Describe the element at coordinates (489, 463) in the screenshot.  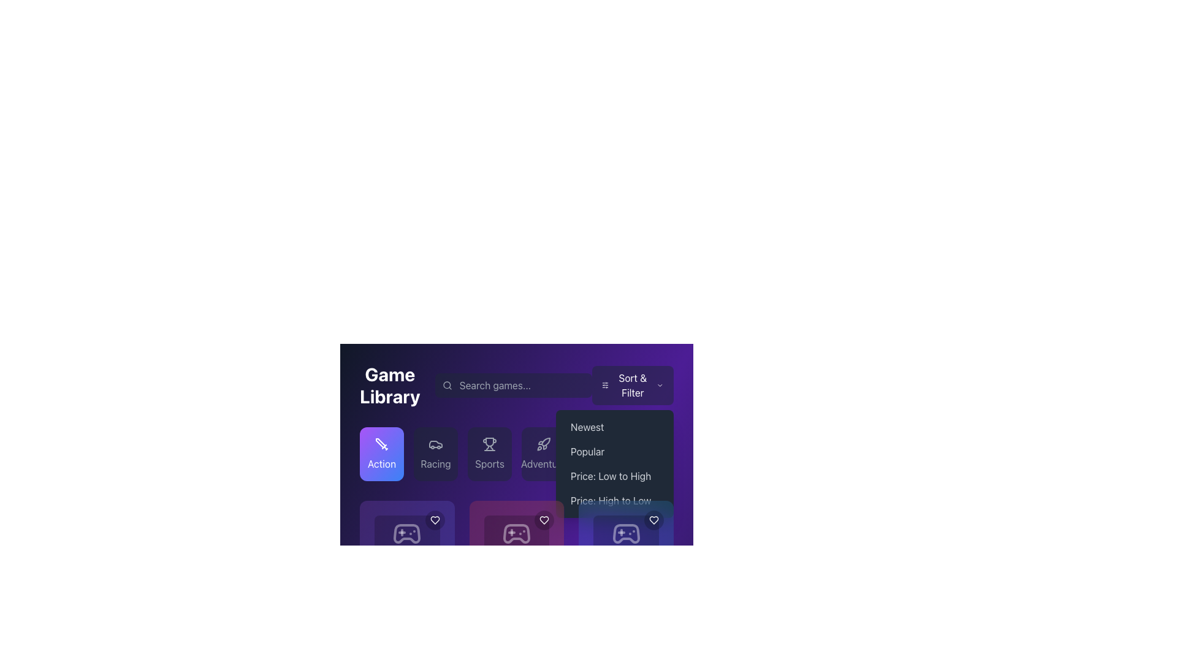
I see `the 'Sports' category button label to potentially reveal additional options or details` at that location.